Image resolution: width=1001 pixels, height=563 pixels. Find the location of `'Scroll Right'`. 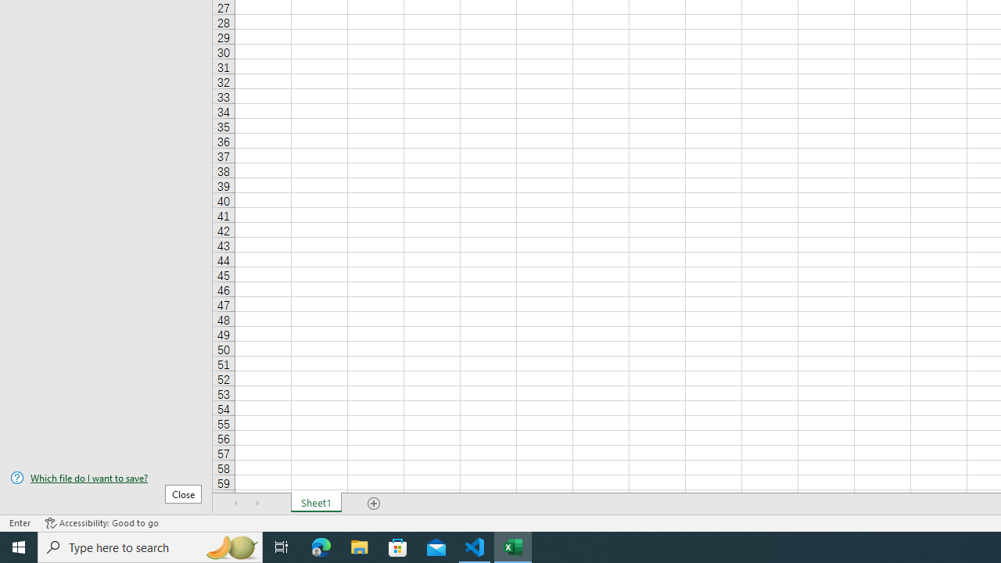

'Scroll Right' is located at coordinates (258, 504).